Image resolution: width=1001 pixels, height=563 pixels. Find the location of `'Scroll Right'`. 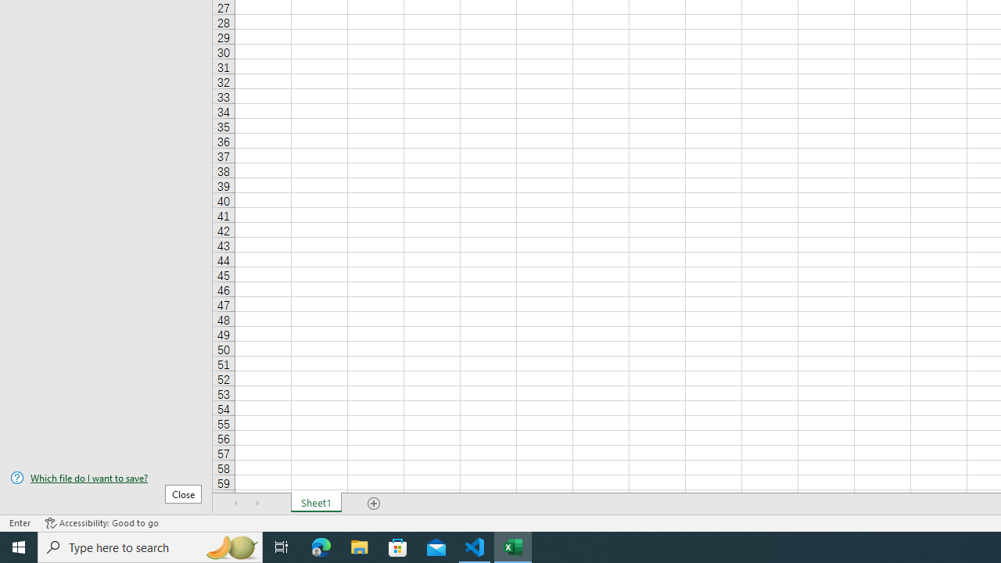

'Scroll Right' is located at coordinates (258, 504).